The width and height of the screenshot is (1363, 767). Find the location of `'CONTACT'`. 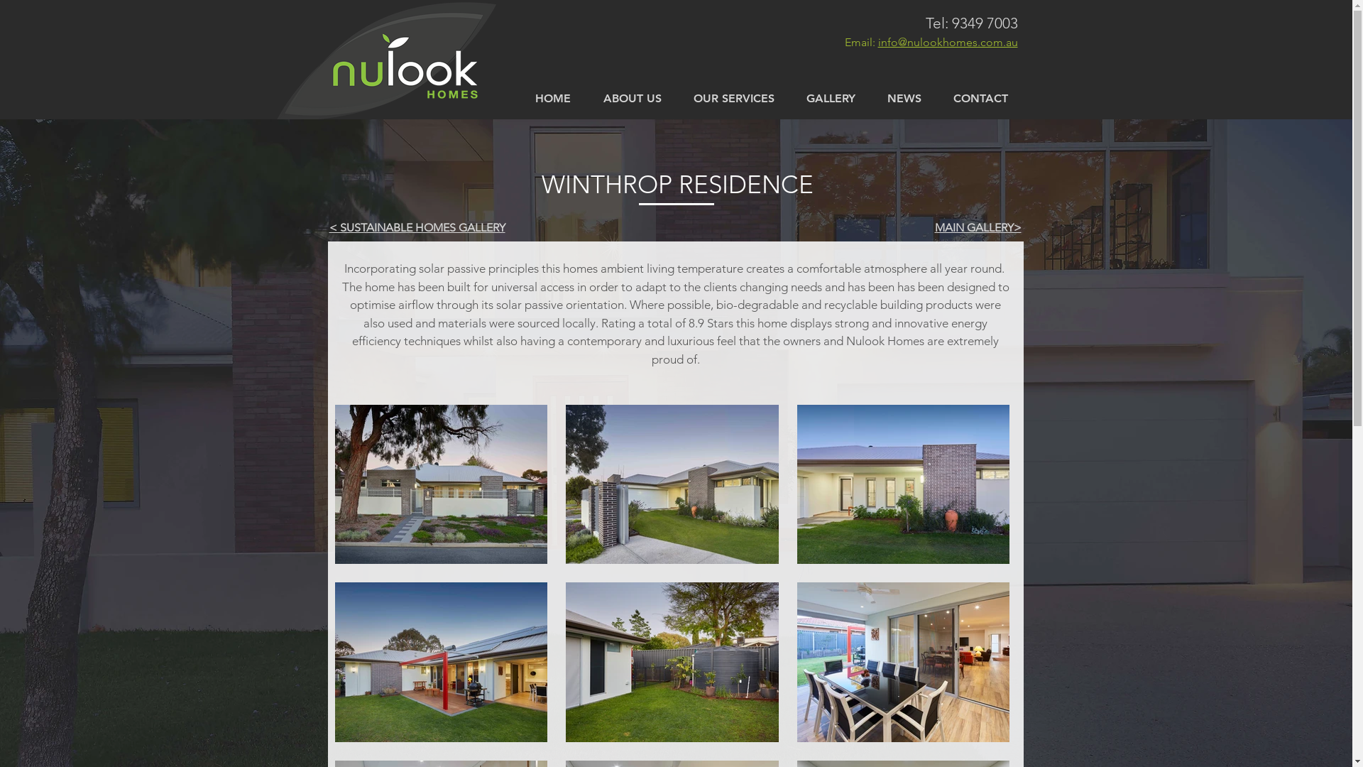

'CONTACT' is located at coordinates (980, 97).